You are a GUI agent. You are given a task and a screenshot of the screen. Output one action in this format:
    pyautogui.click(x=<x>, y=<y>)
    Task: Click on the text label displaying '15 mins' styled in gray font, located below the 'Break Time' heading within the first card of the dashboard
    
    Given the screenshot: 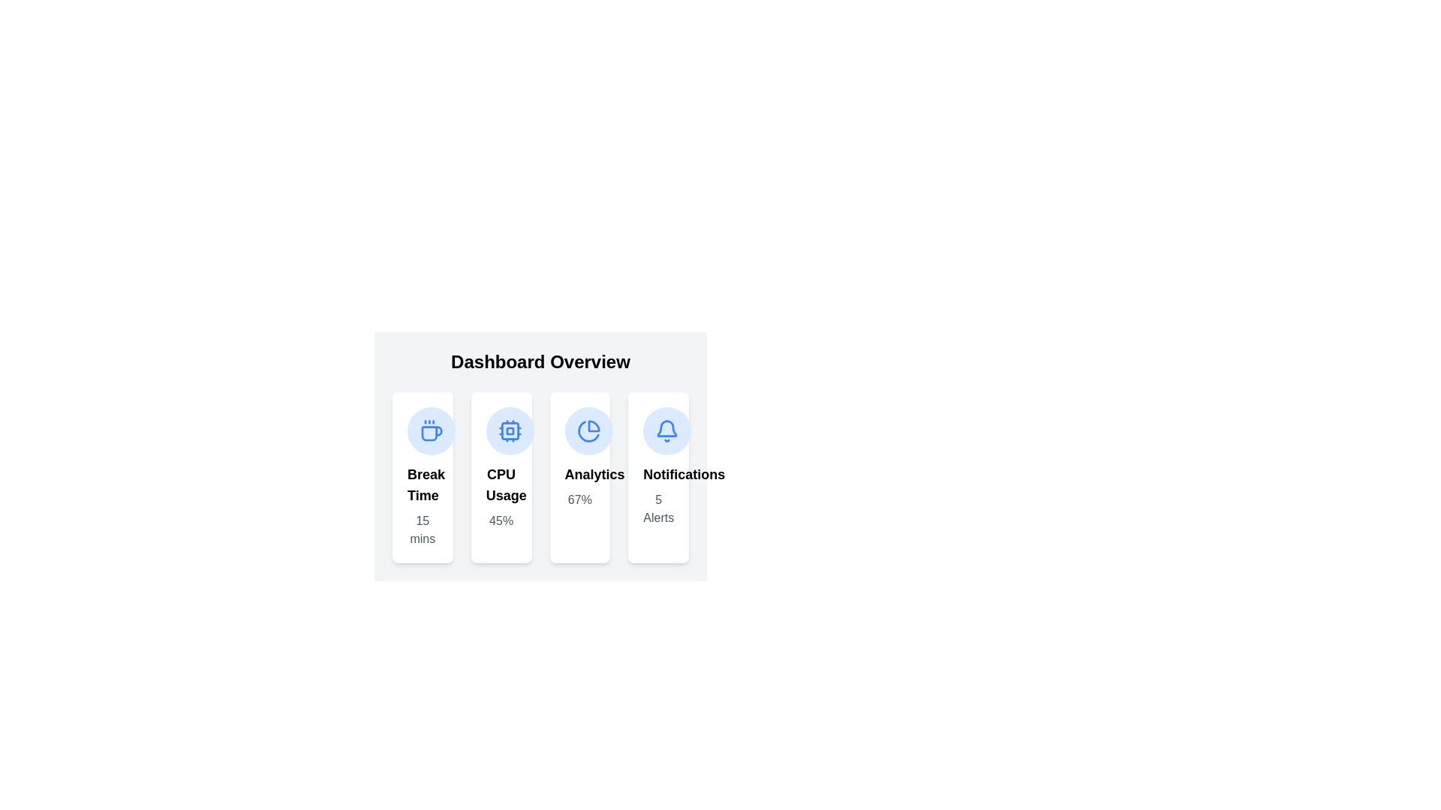 What is the action you would take?
    pyautogui.click(x=422, y=529)
    